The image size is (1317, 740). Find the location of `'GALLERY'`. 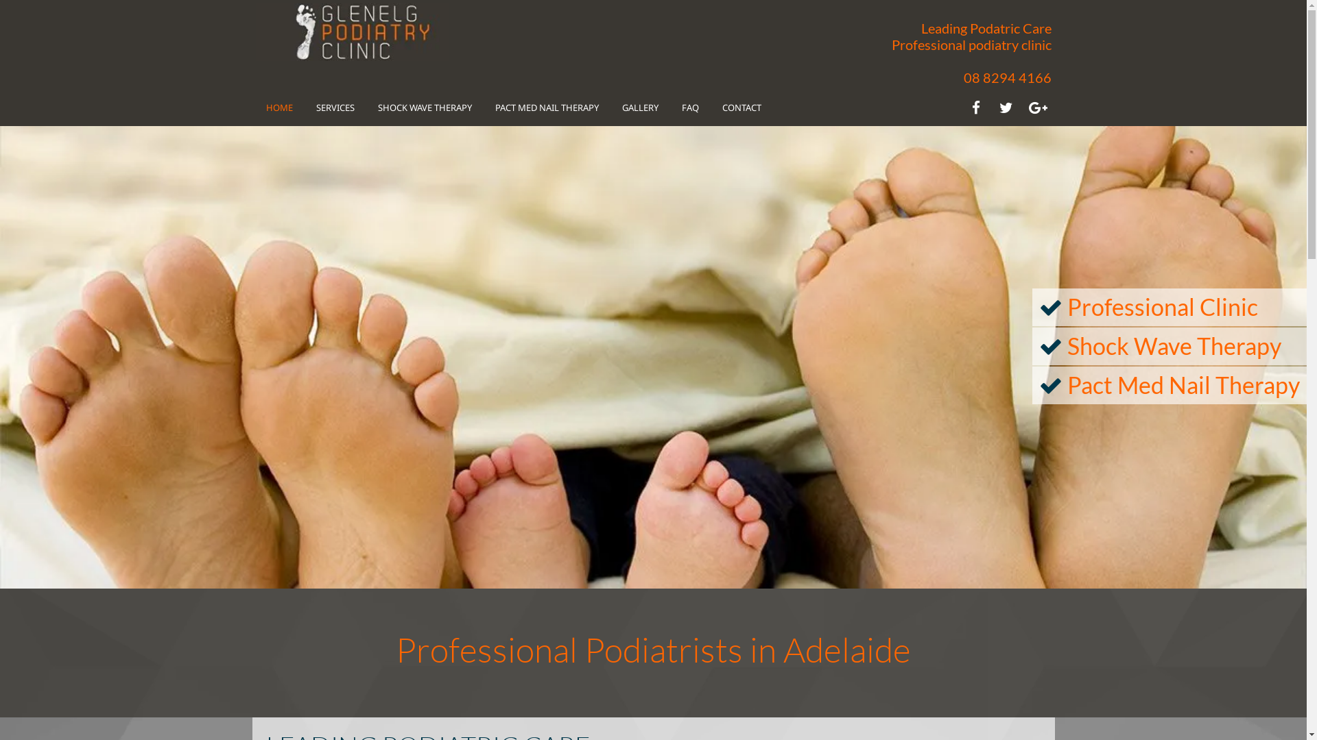

'GALLERY' is located at coordinates (639, 106).